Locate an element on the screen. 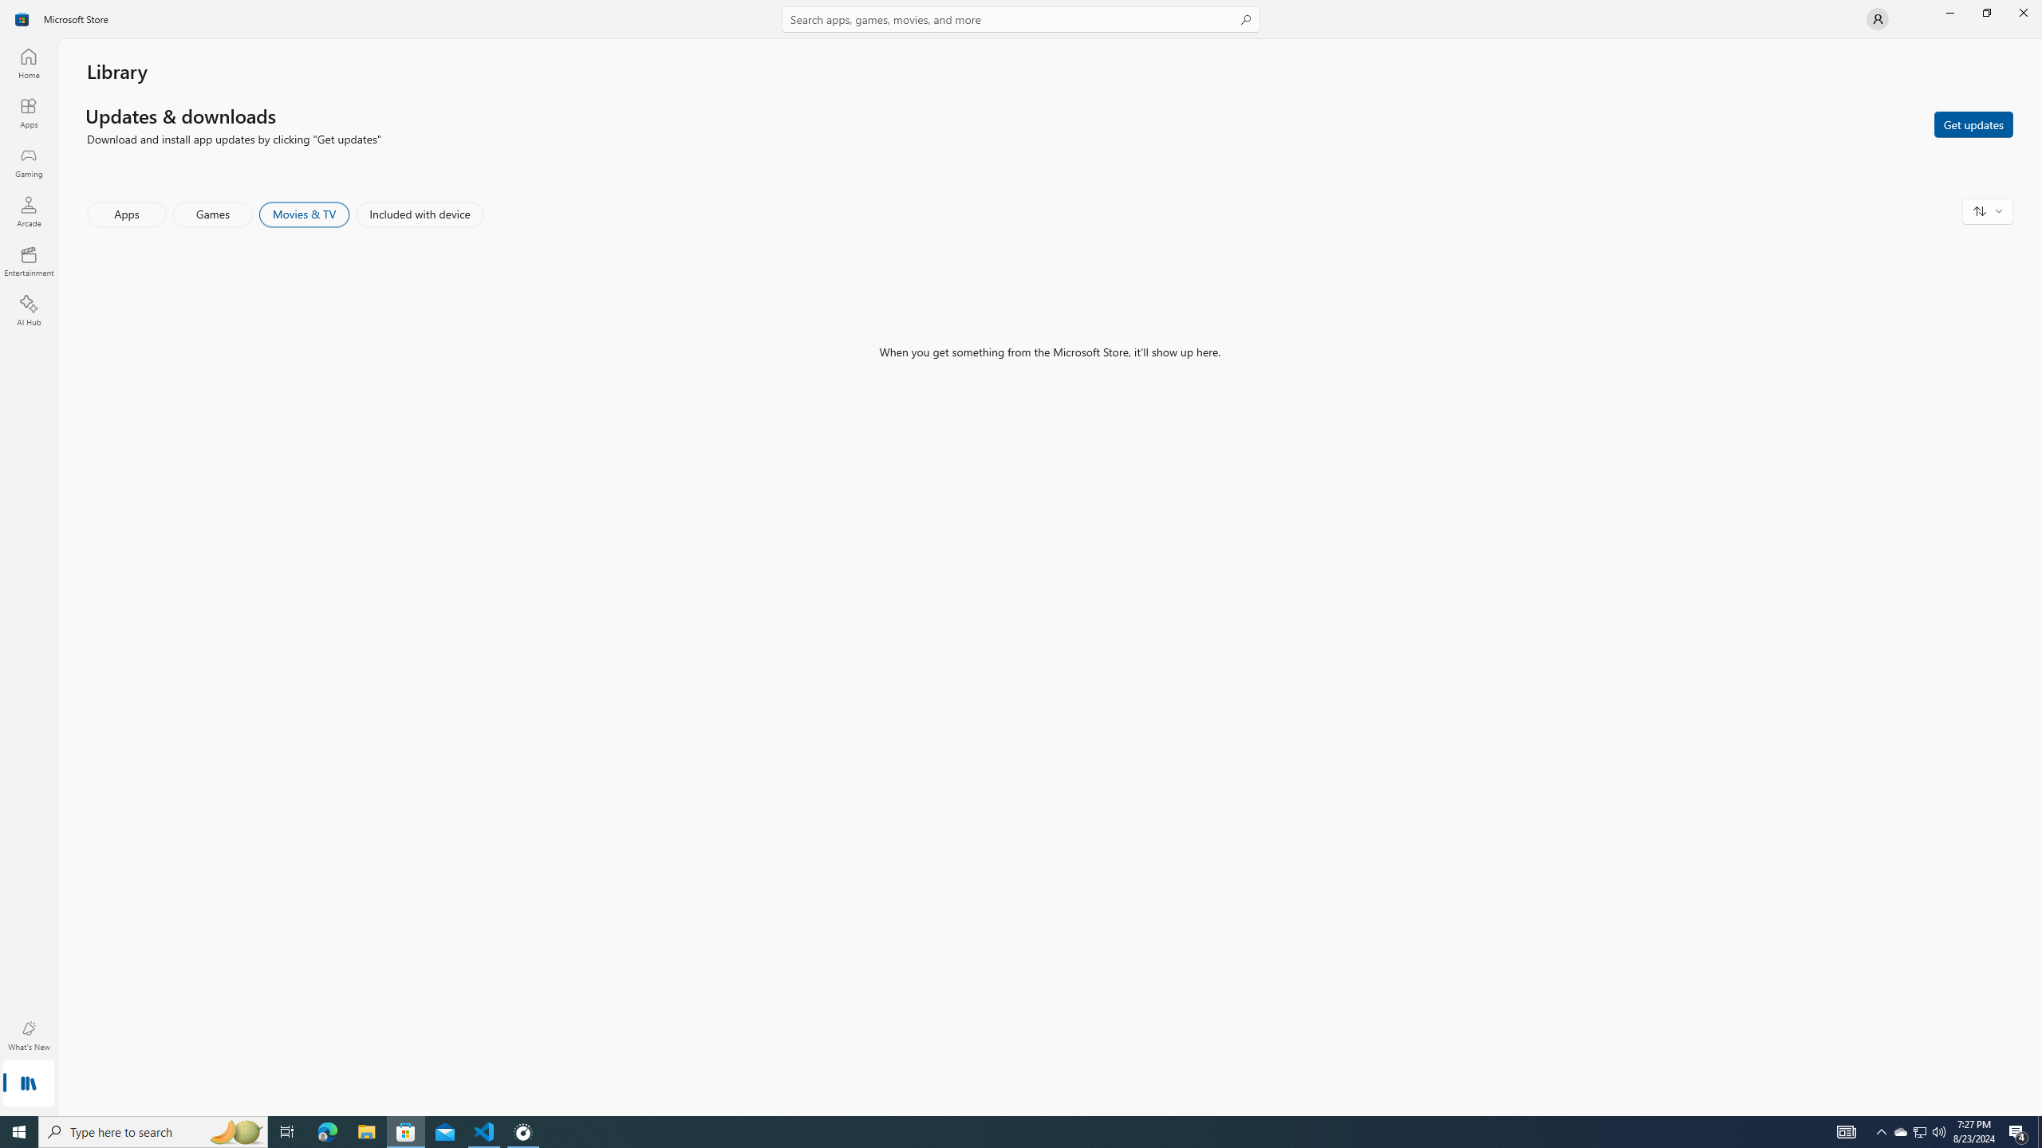 This screenshot has width=2042, height=1148. 'Included with device' is located at coordinates (419, 214).